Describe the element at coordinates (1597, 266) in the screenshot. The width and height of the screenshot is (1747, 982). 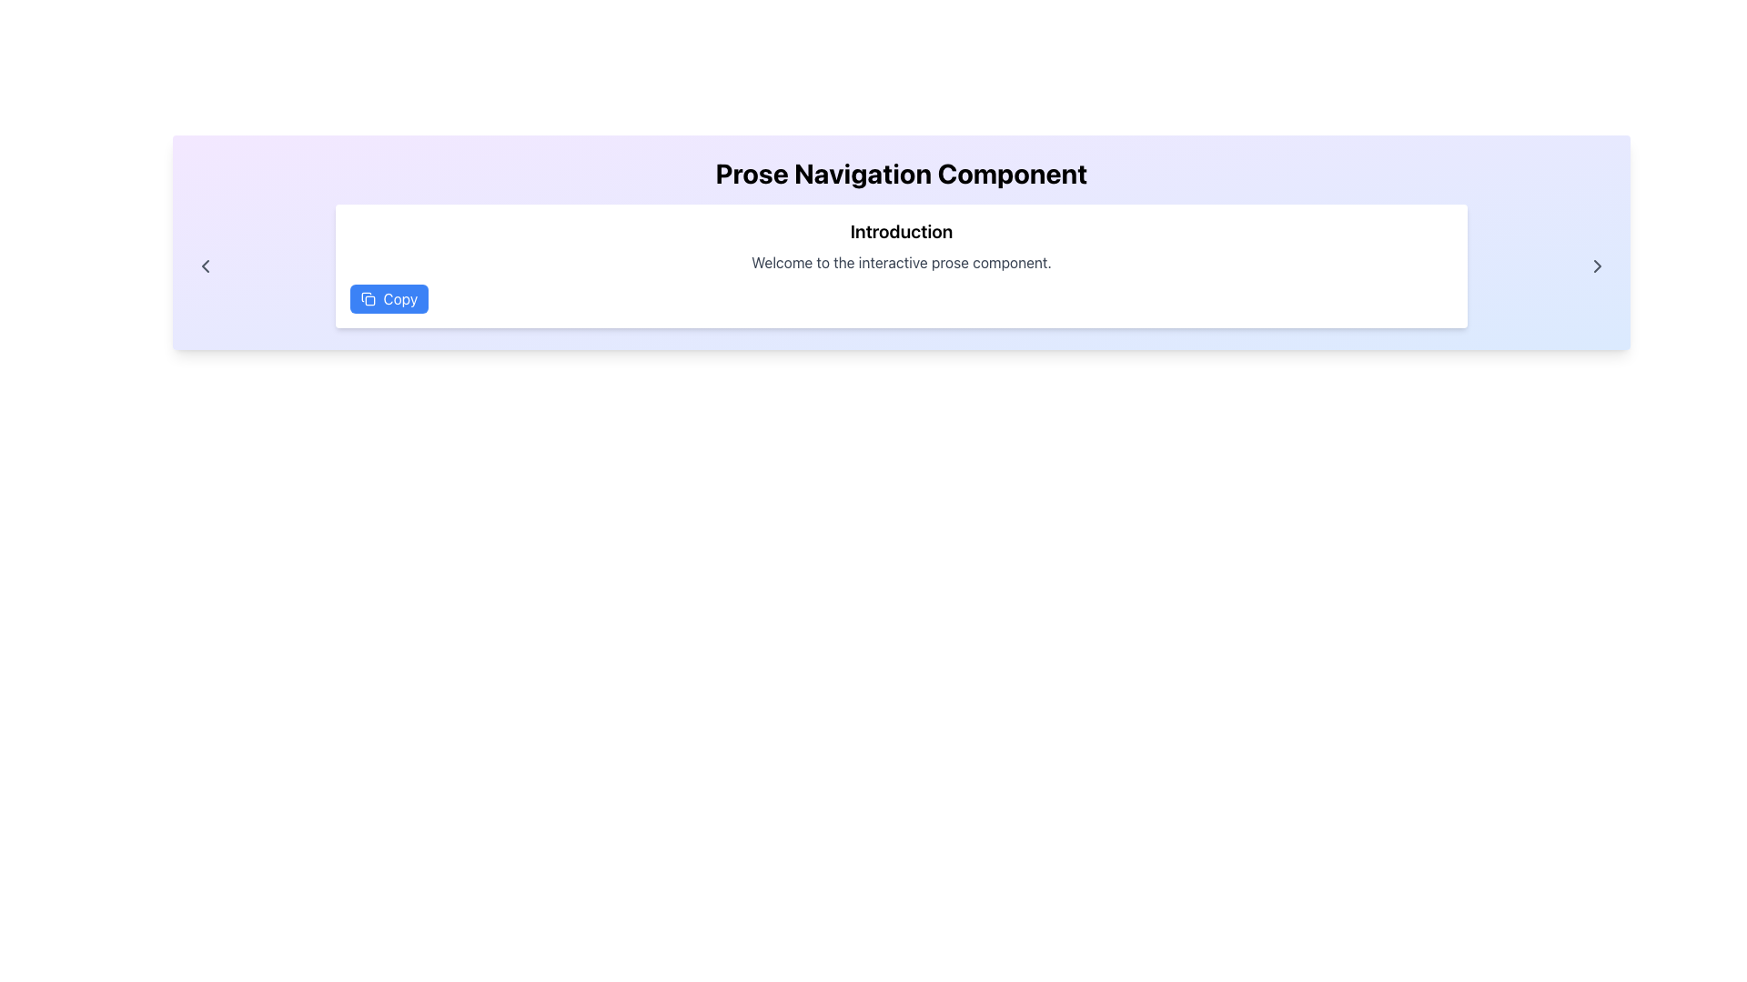
I see `the navigation button located at the rightmost edge of the top section of the interface to proceed to the next page` at that location.